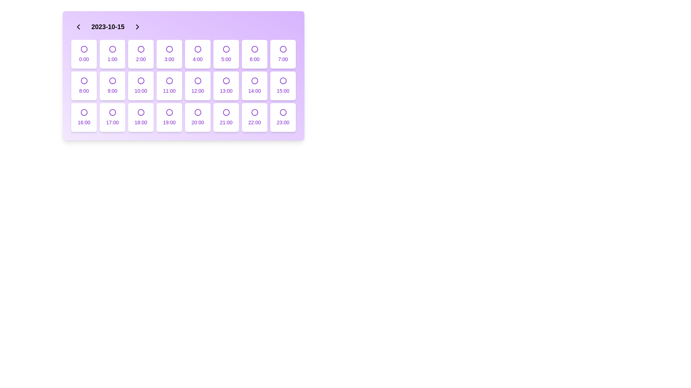 The width and height of the screenshot is (691, 388). Describe the element at coordinates (254, 117) in the screenshot. I see `the time selector button located in the fifth row and sixth column` at that location.